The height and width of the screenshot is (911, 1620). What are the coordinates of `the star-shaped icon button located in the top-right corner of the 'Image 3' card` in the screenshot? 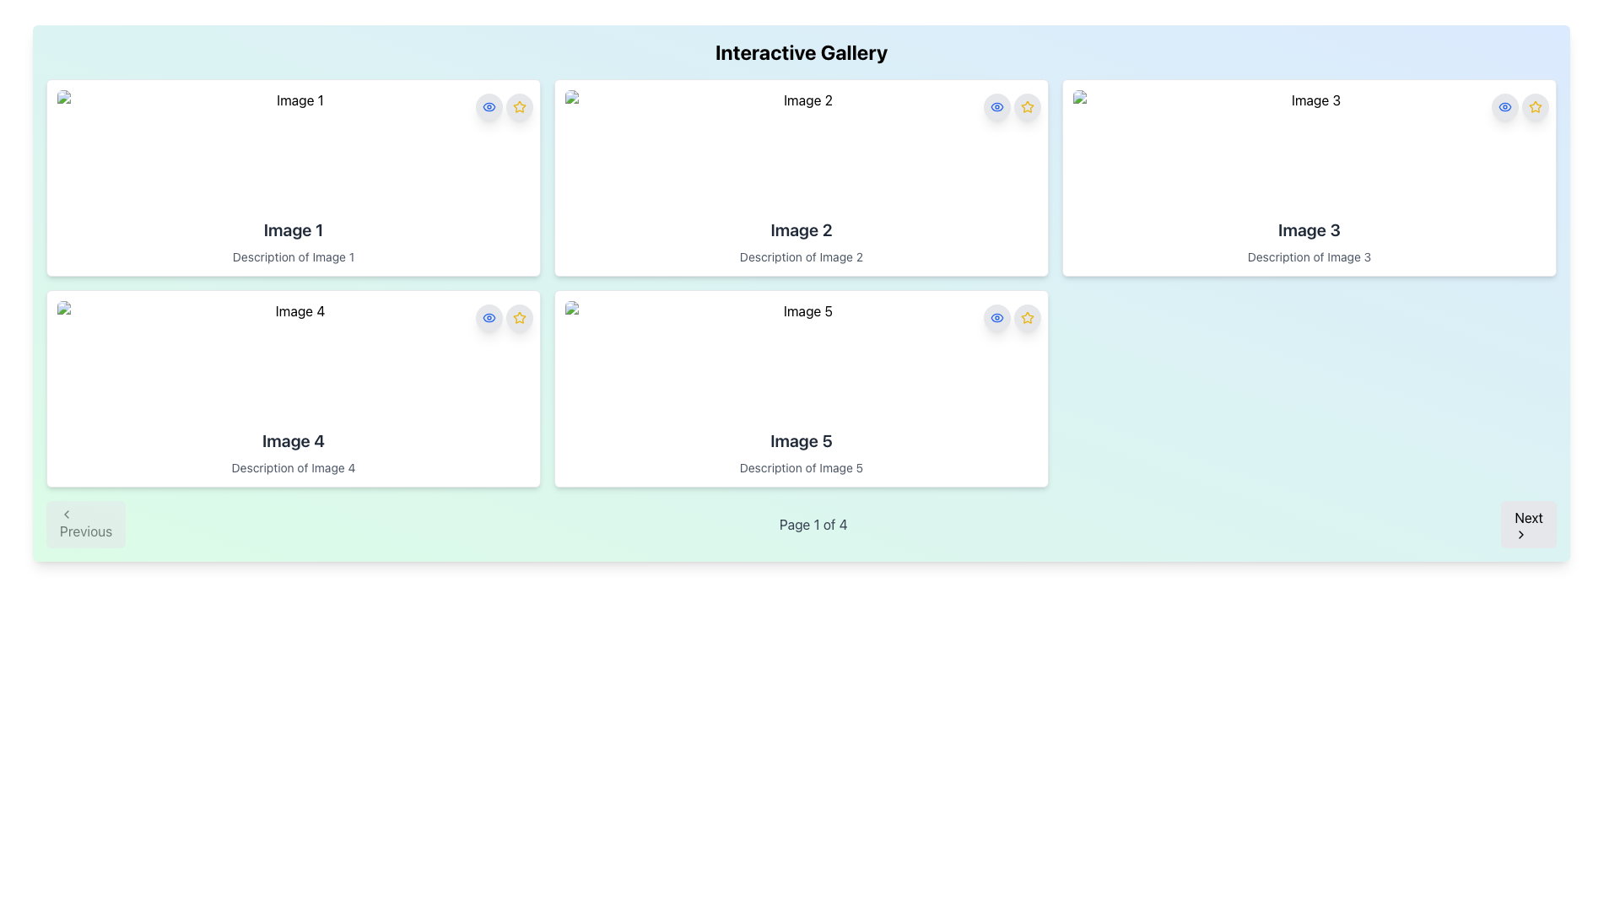 It's located at (1535, 107).